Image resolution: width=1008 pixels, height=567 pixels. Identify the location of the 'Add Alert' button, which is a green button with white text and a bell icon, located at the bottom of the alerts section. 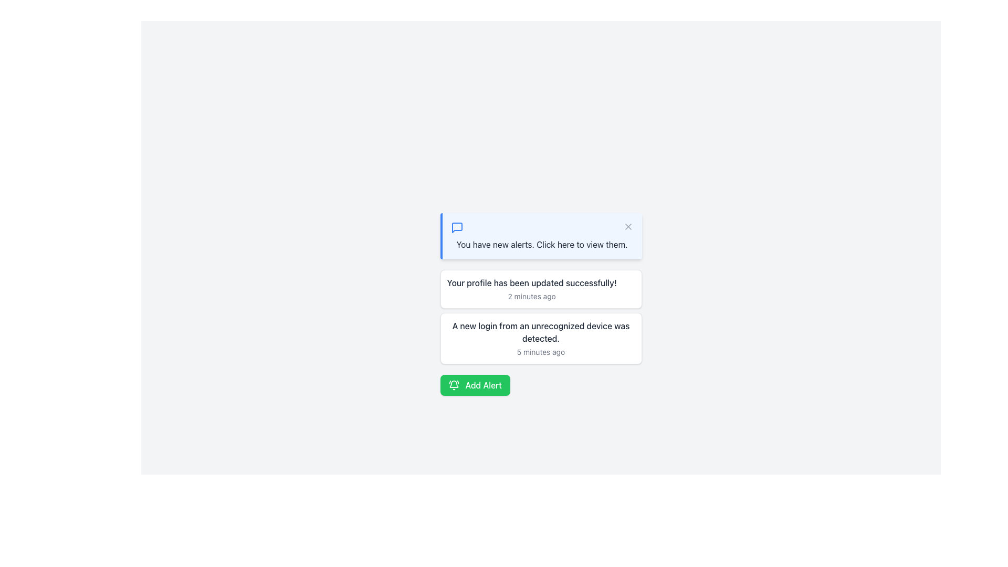
(475, 385).